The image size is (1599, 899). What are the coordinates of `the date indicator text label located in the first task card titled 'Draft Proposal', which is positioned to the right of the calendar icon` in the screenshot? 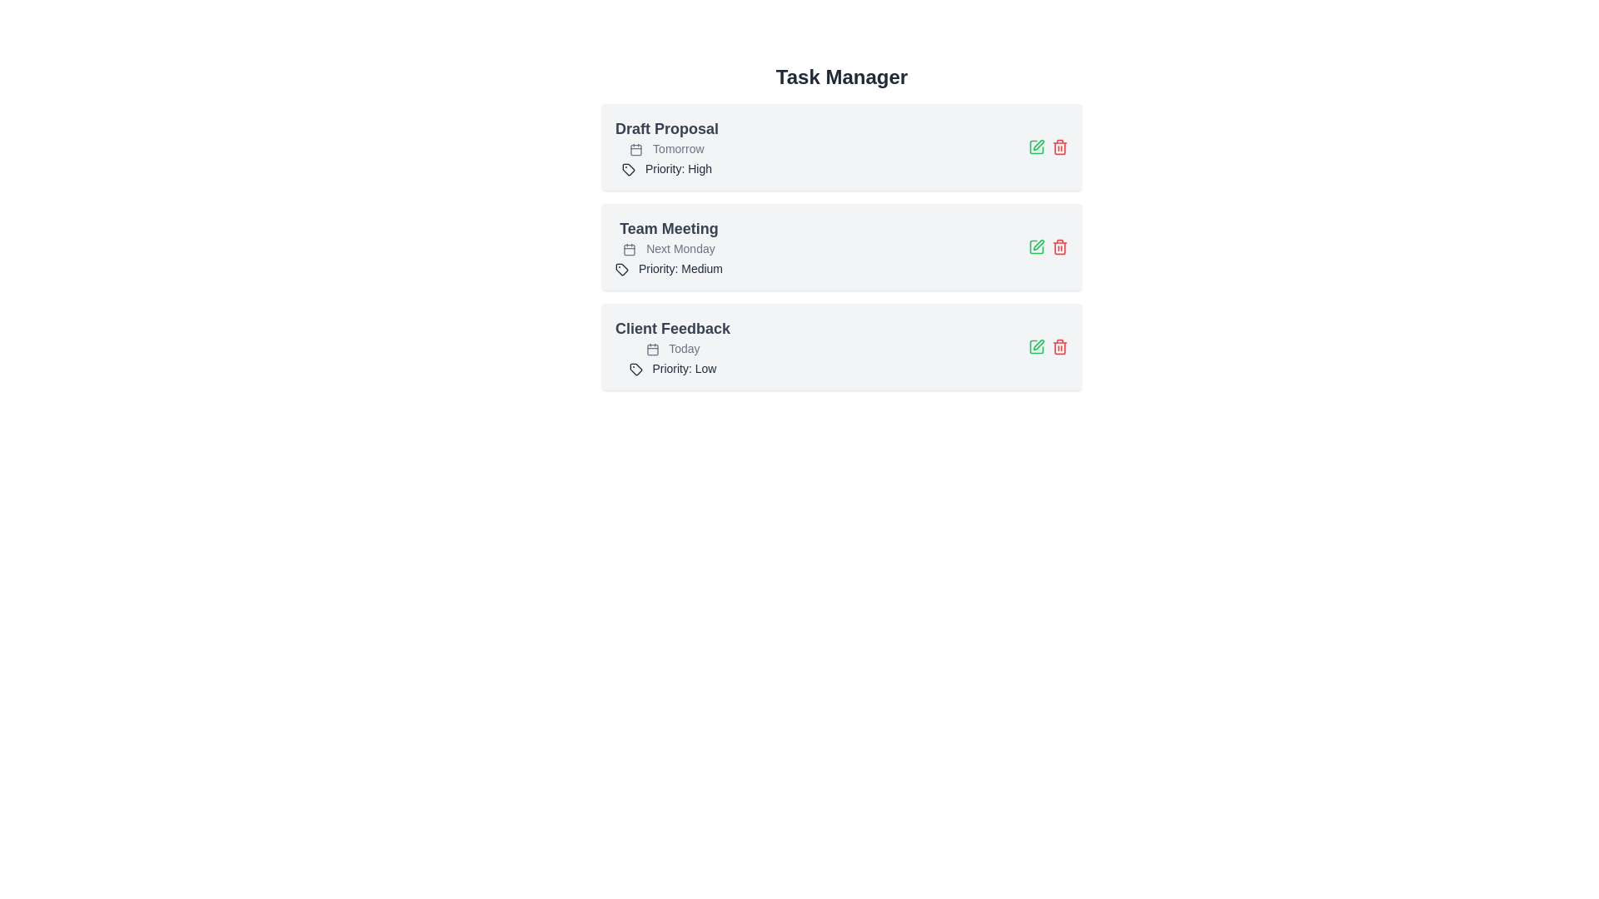 It's located at (667, 147).